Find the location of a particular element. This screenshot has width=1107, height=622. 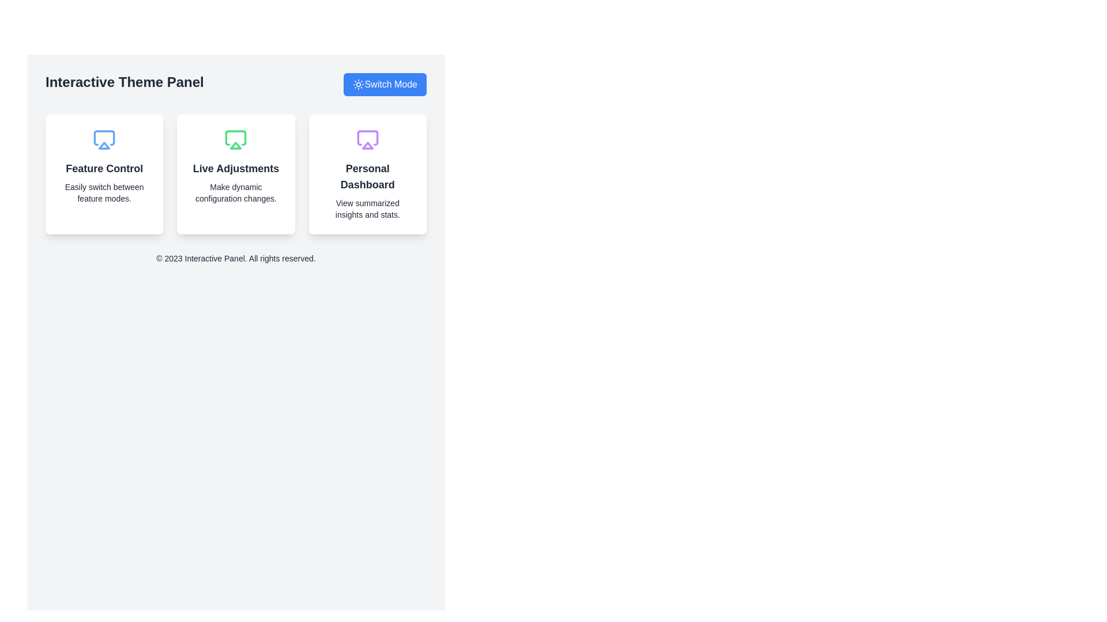

the decorative triangular icon resembling a play button located within the 'Personal Dashboard' card is located at coordinates (367, 145).